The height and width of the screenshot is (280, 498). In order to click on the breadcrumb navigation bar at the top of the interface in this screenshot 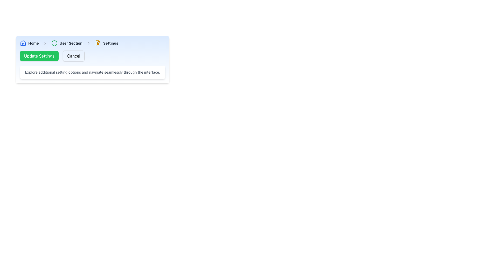, I will do `click(92, 43)`.